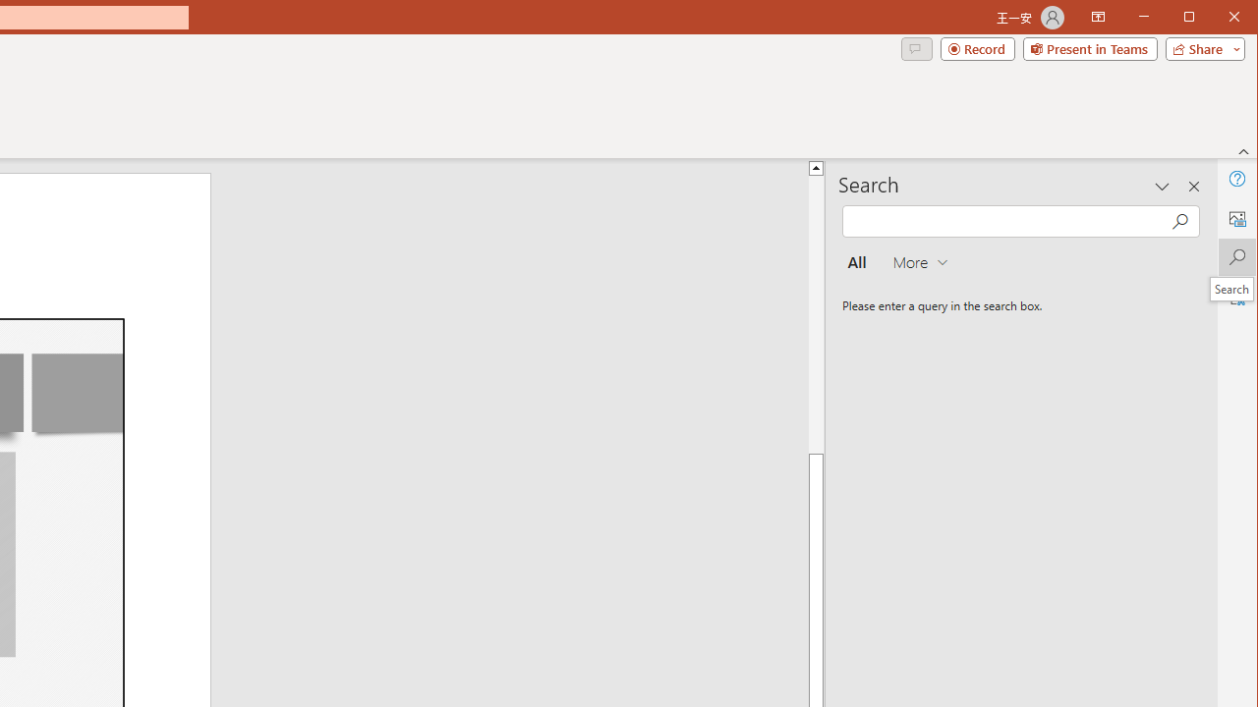 Image resolution: width=1258 pixels, height=707 pixels. I want to click on 'Maximize', so click(1217, 19).